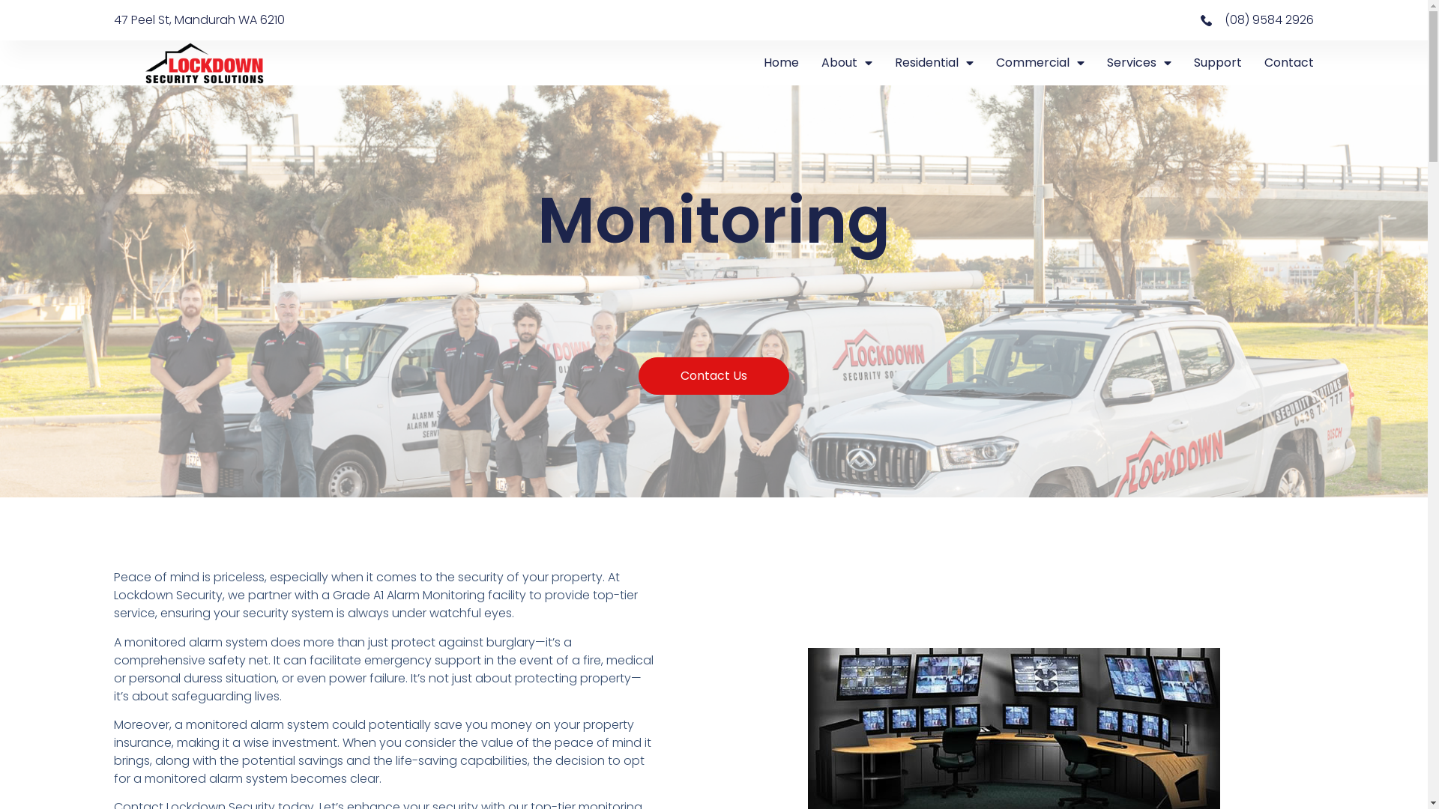 This screenshot has width=1439, height=809. Describe the element at coordinates (713, 375) in the screenshot. I see `'Contact Us'` at that location.